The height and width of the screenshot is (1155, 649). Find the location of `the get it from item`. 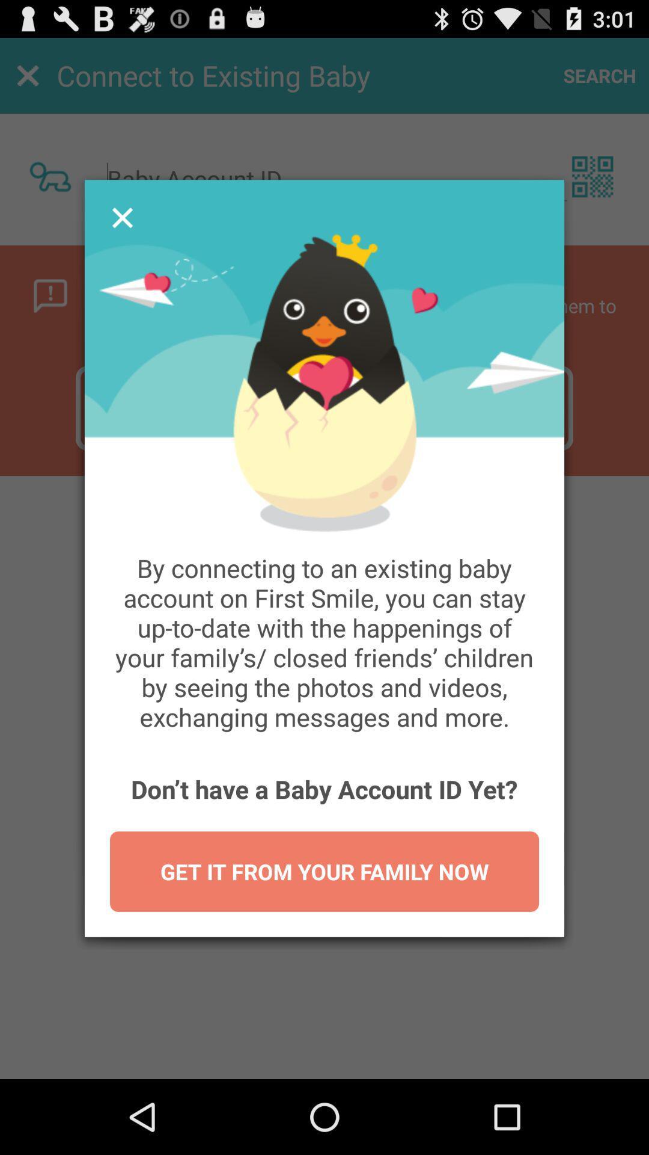

the get it from item is located at coordinates (324, 872).